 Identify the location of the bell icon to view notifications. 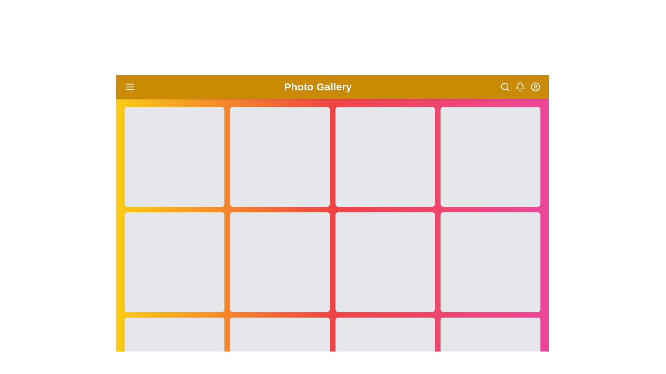
(520, 86).